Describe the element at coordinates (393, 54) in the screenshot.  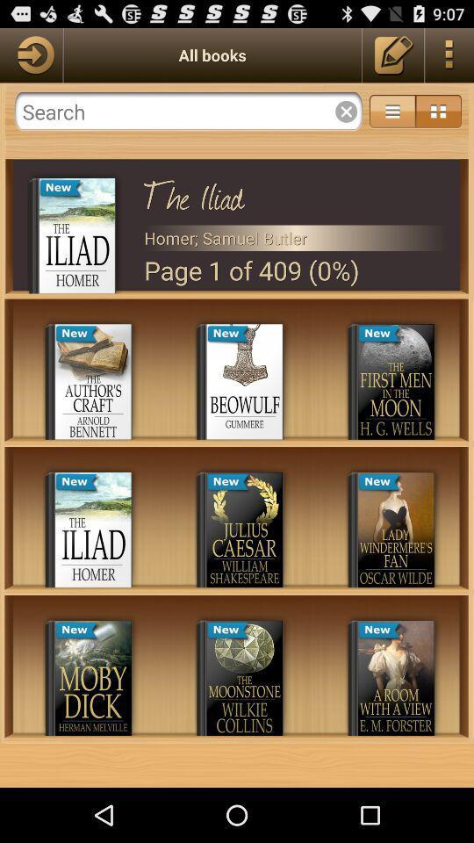
I see `notepad` at that location.